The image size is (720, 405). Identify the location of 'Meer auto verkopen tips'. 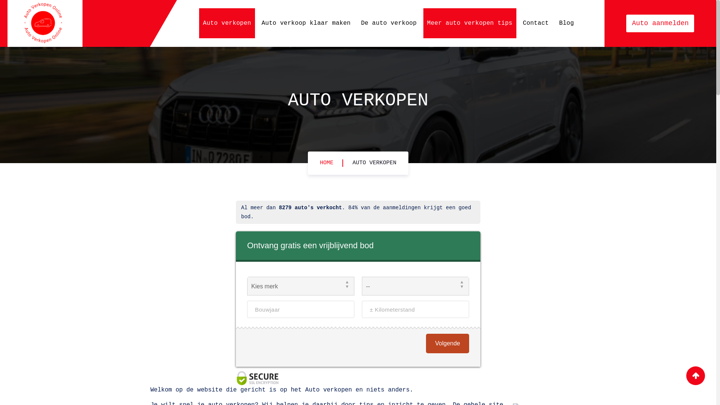
(469, 22).